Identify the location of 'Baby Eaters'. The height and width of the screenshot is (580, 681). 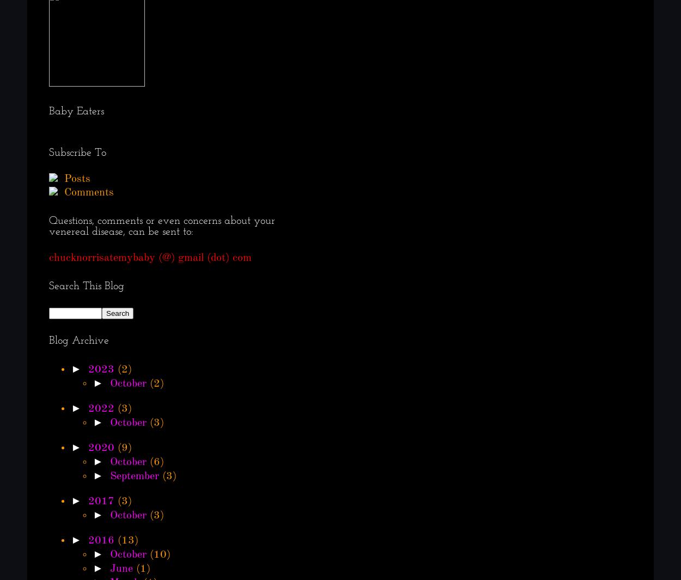
(76, 111).